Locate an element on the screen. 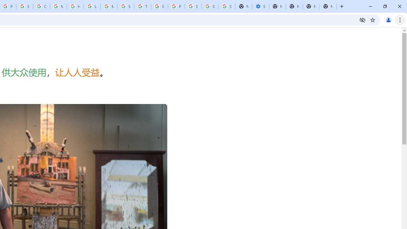 Image resolution: width=407 pixels, height=229 pixels. 'Search our Doodle Library Collection - Google Doodles' is located at coordinates (126, 6).